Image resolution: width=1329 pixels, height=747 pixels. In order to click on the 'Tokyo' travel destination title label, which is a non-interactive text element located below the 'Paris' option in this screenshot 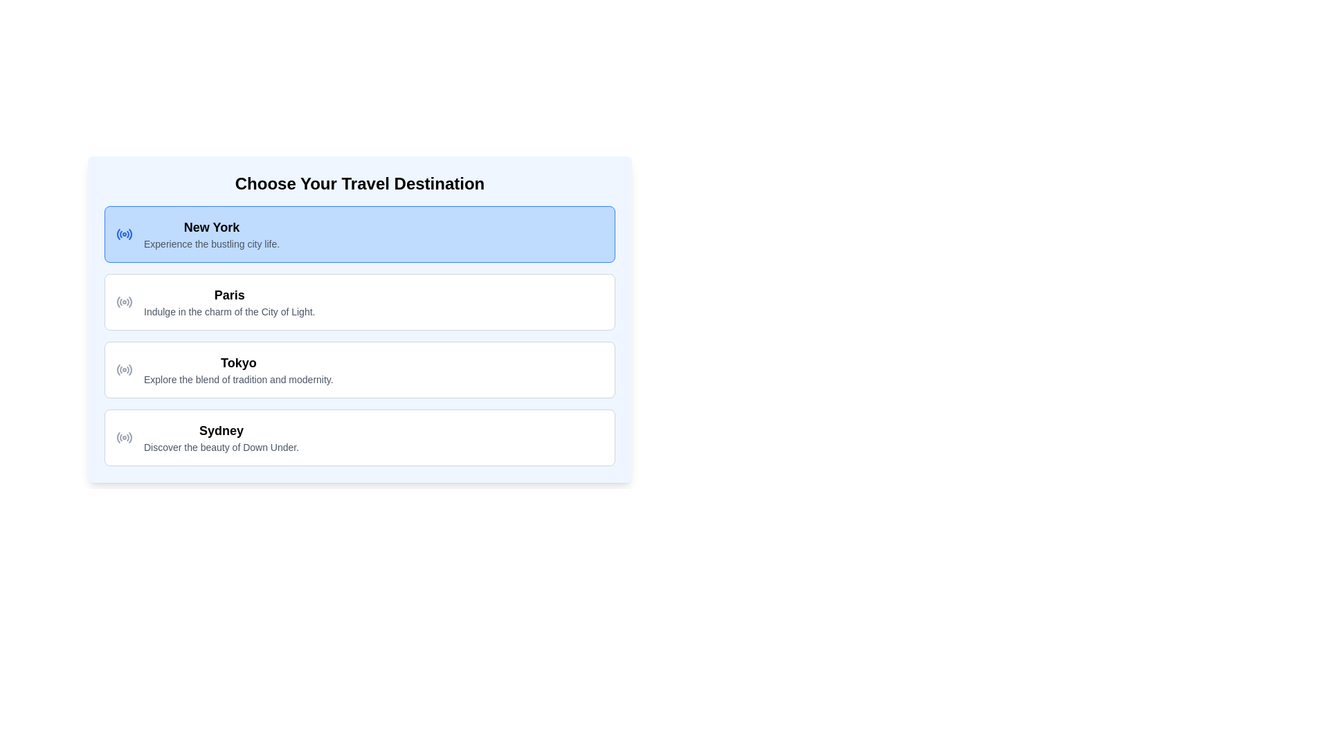, I will do `click(238, 362)`.